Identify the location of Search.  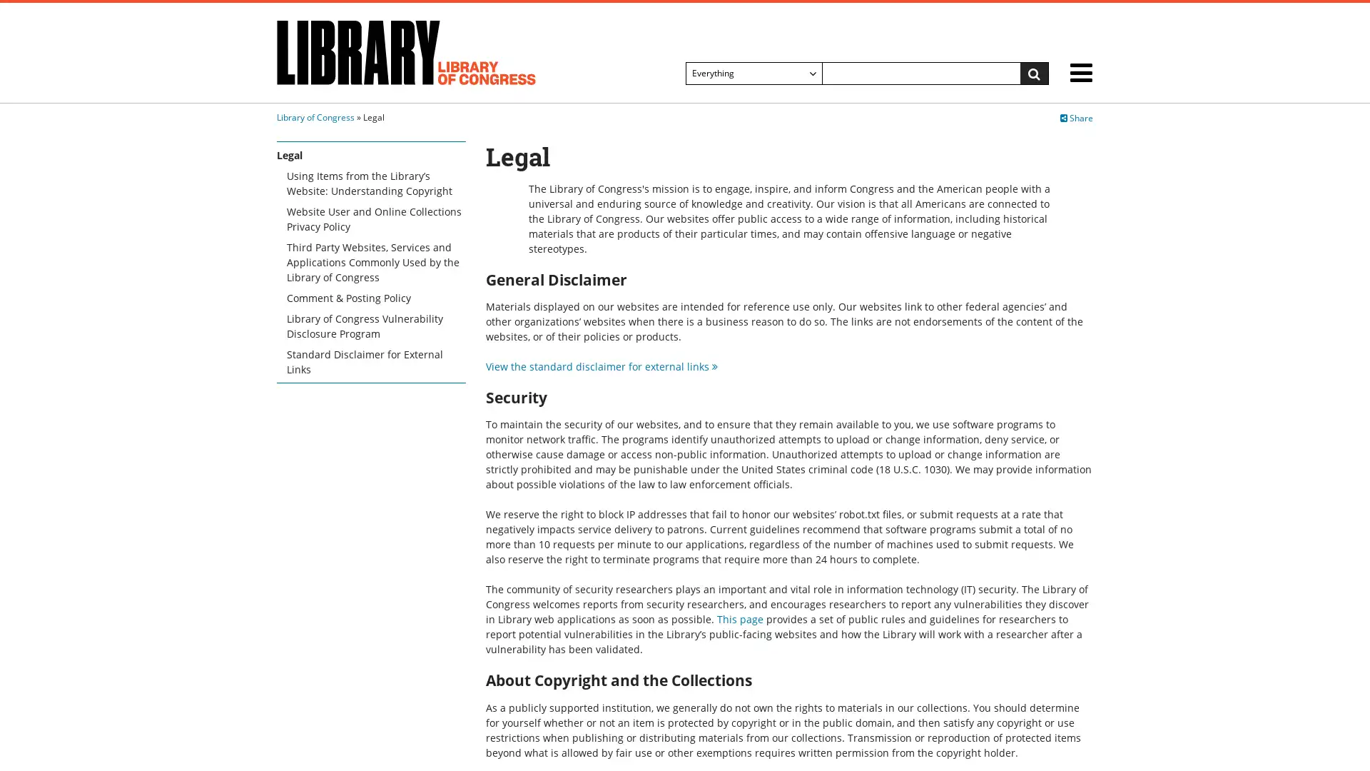
(1034, 74).